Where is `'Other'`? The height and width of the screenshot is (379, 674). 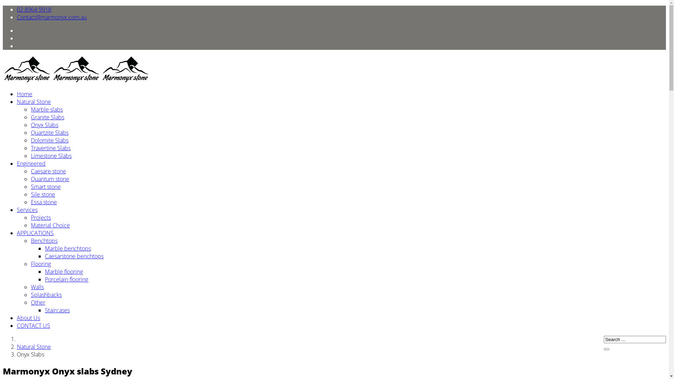
'Other' is located at coordinates (38, 302).